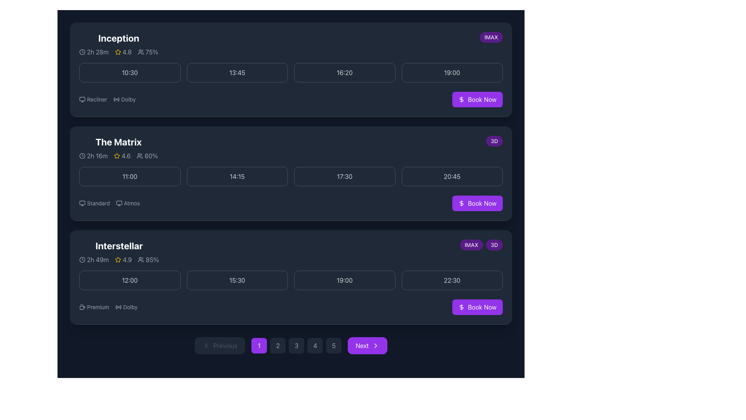  Describe the element at coordinates (118, 156) in the screenshot. I see `the yellow star icon representing the movie 'The Matrix', which is the second inline item among the metadata details` at that location.